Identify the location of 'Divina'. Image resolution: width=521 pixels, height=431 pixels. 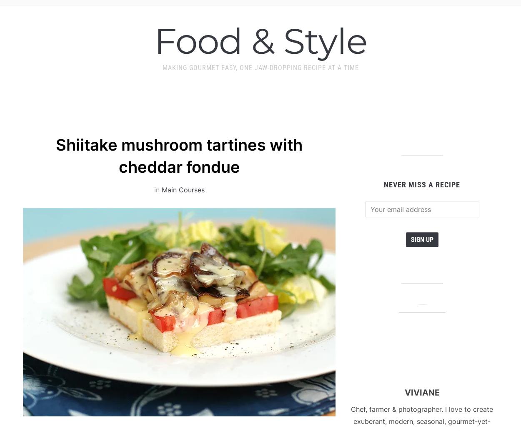
(82, 237).